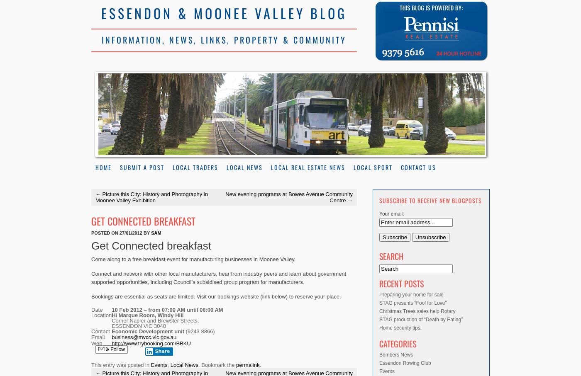  I want to click on '. Bookmark the', so click(217, 364).